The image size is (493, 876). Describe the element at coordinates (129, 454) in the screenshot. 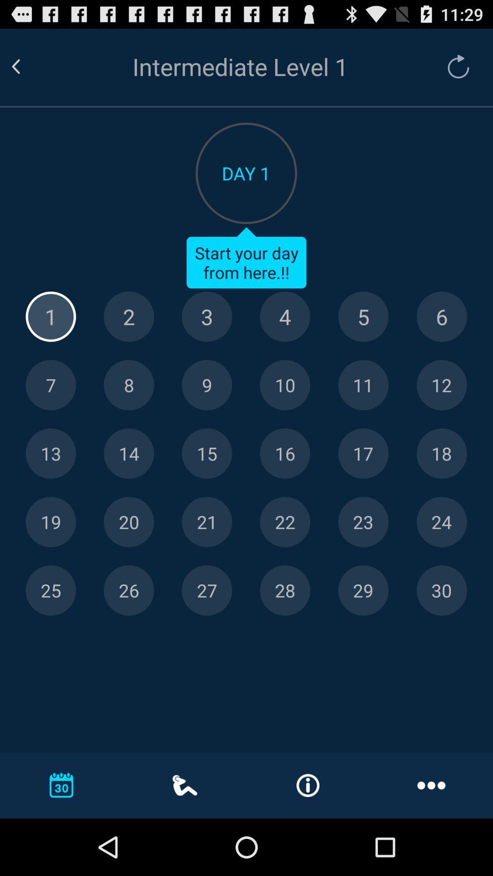

I see `day 14 option` at that location.